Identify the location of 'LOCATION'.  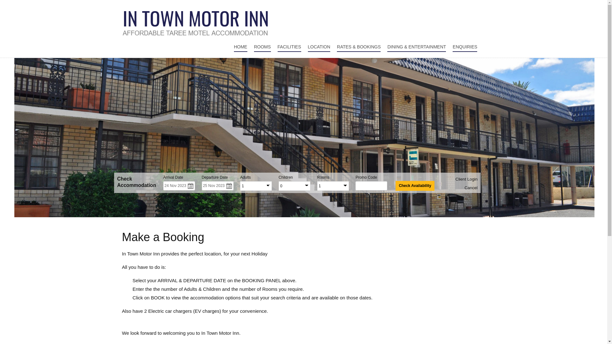
(319, 47).